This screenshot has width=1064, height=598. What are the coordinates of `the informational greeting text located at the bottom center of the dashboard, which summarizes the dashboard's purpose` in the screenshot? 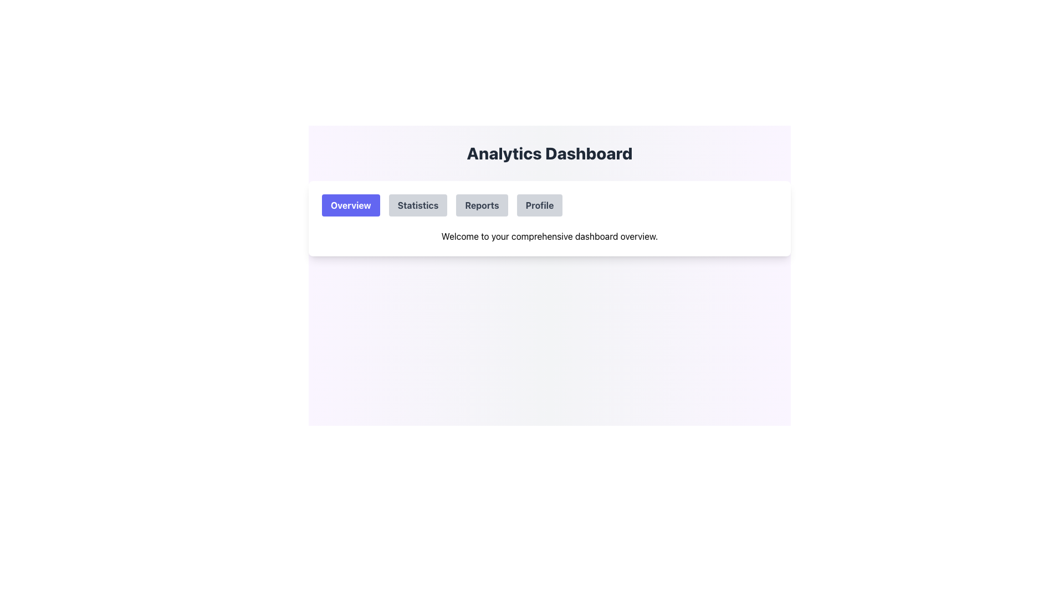 It's located at (550, 236).